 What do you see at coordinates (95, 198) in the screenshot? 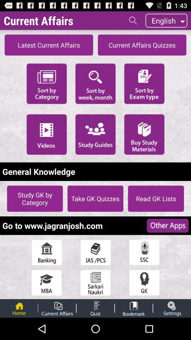
I see `icon to the left of read gk lists item` at bounding box center [95, 198].